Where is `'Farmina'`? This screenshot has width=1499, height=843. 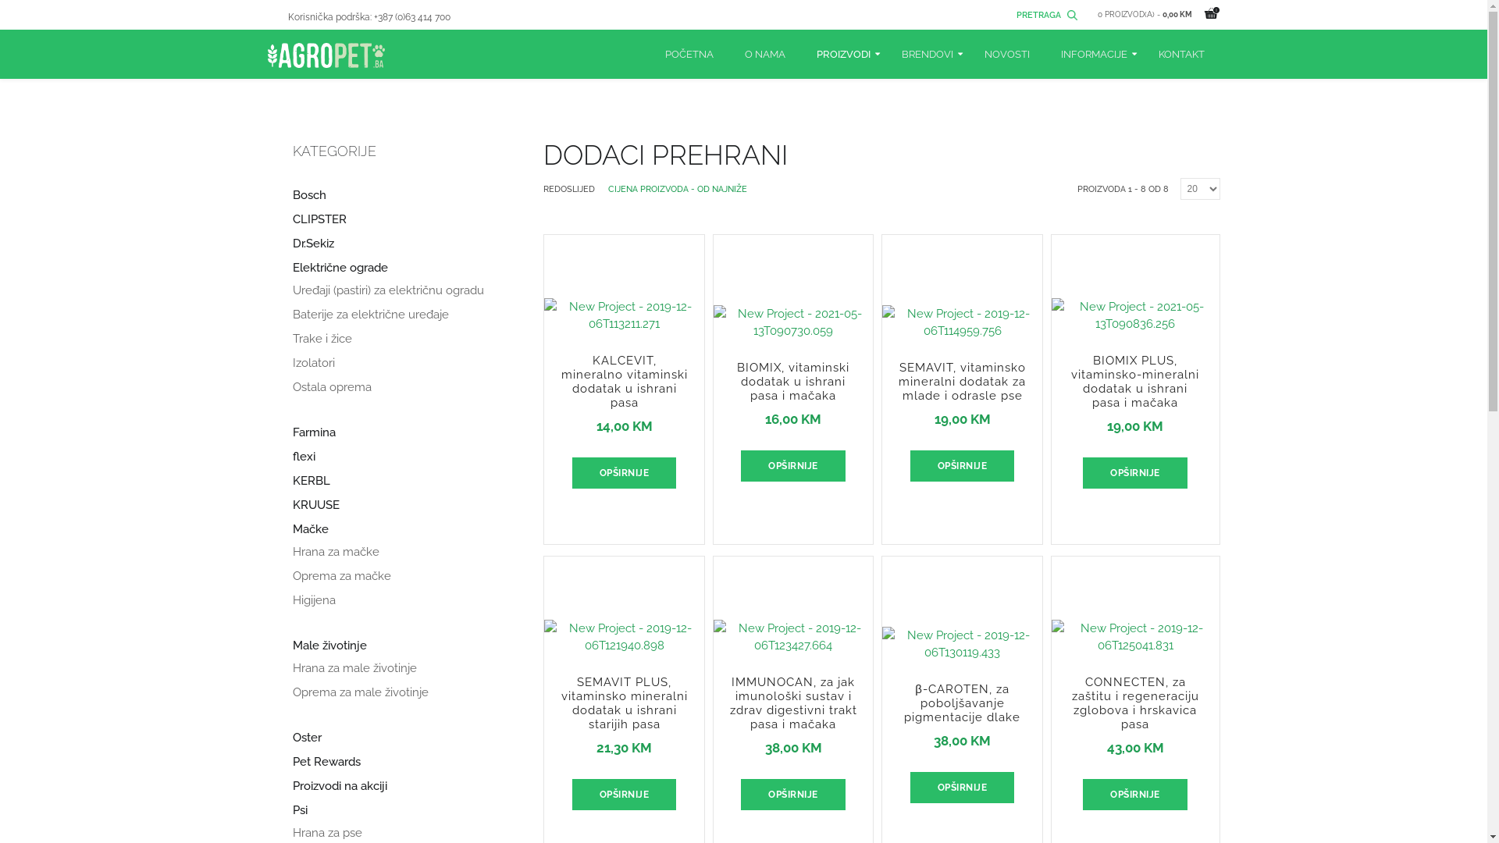 'Farmina' is located at coordinates (312, 432).